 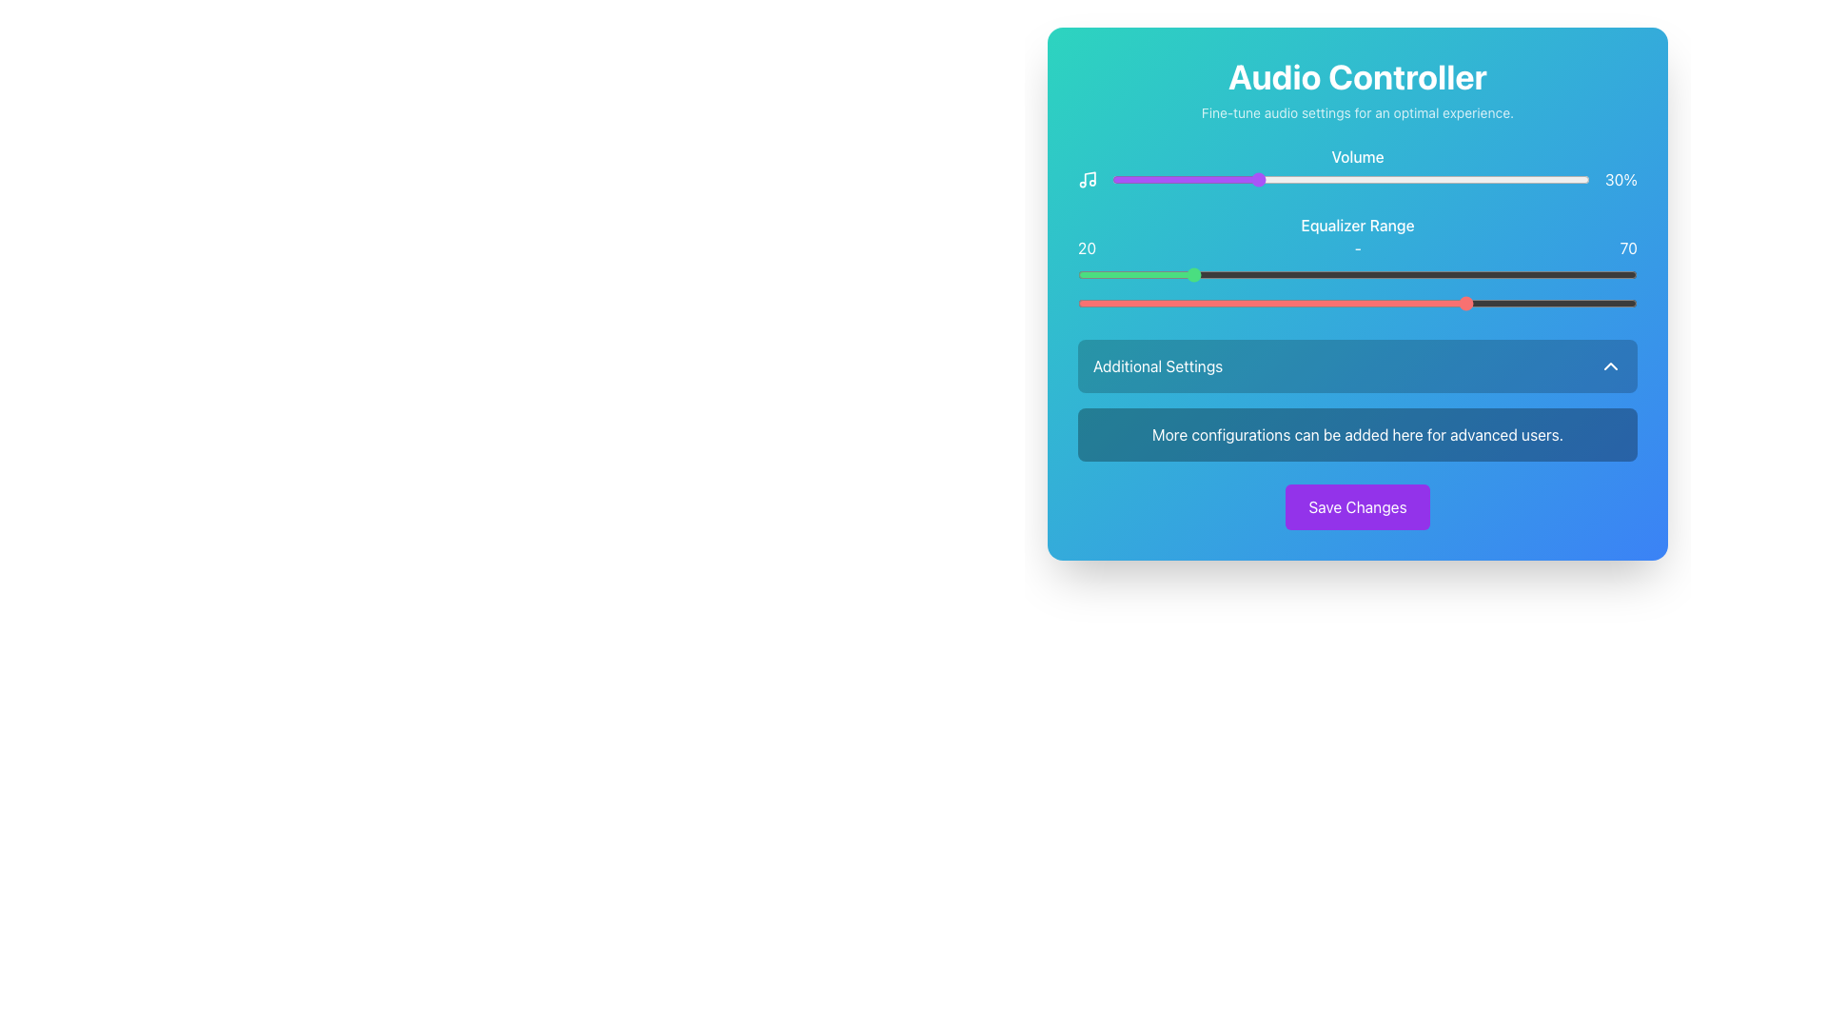 What do you see at coordinates (1284, 180) in the screenshot?
I see `the volume slider` at bounding box center [1284, 180].